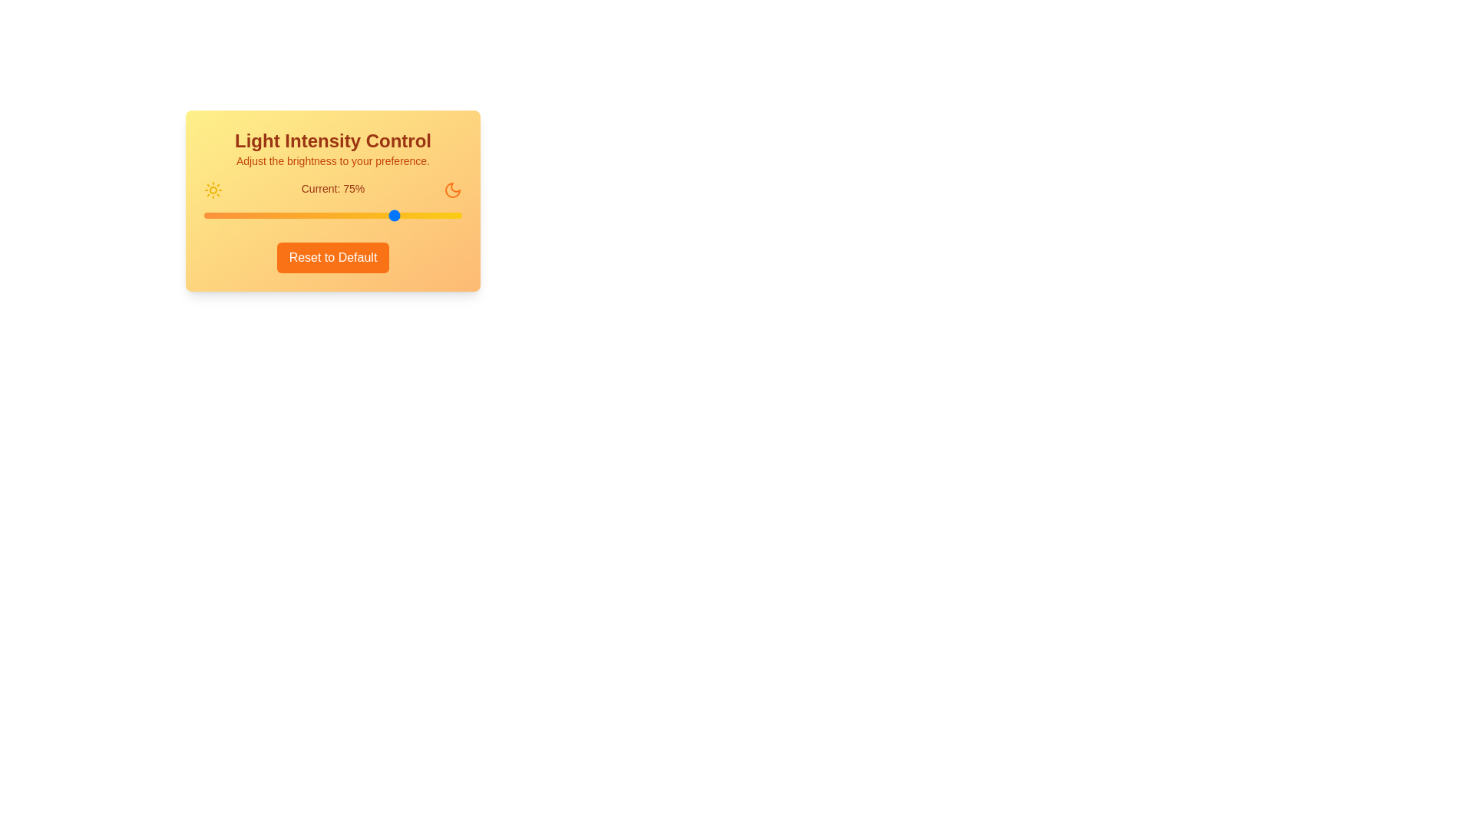 The image size is (1474, 829). What do you see at coordinates (332, 256) in the screenshot?
I see `the 'Reset to Default' button to reset the light intensity` at bounding box center [332, 256].